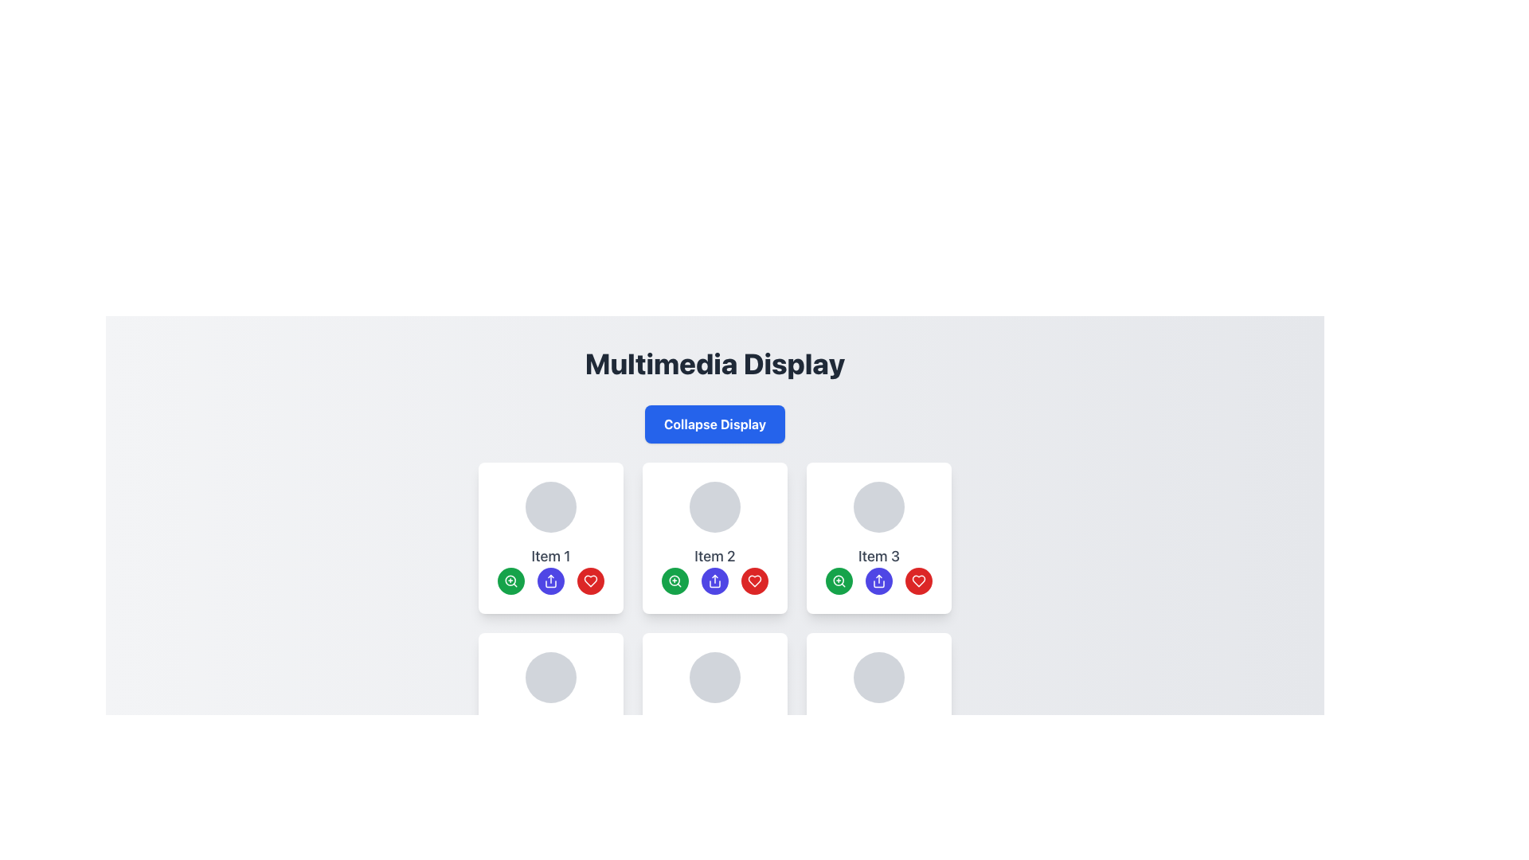 This screenshot has height=860, width=1529. Describe the element at coordinates (838, 580) in the screenshot. I see `the first green circular action button below the card labeled 'Item 3'` at that location.